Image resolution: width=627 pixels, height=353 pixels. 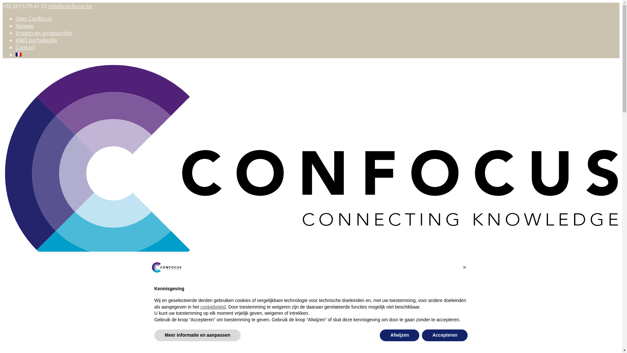 What do you see at coordinates (33, 18) in the screenshot?
I see `'Over Confocus'` at bounding box center [33, 18].